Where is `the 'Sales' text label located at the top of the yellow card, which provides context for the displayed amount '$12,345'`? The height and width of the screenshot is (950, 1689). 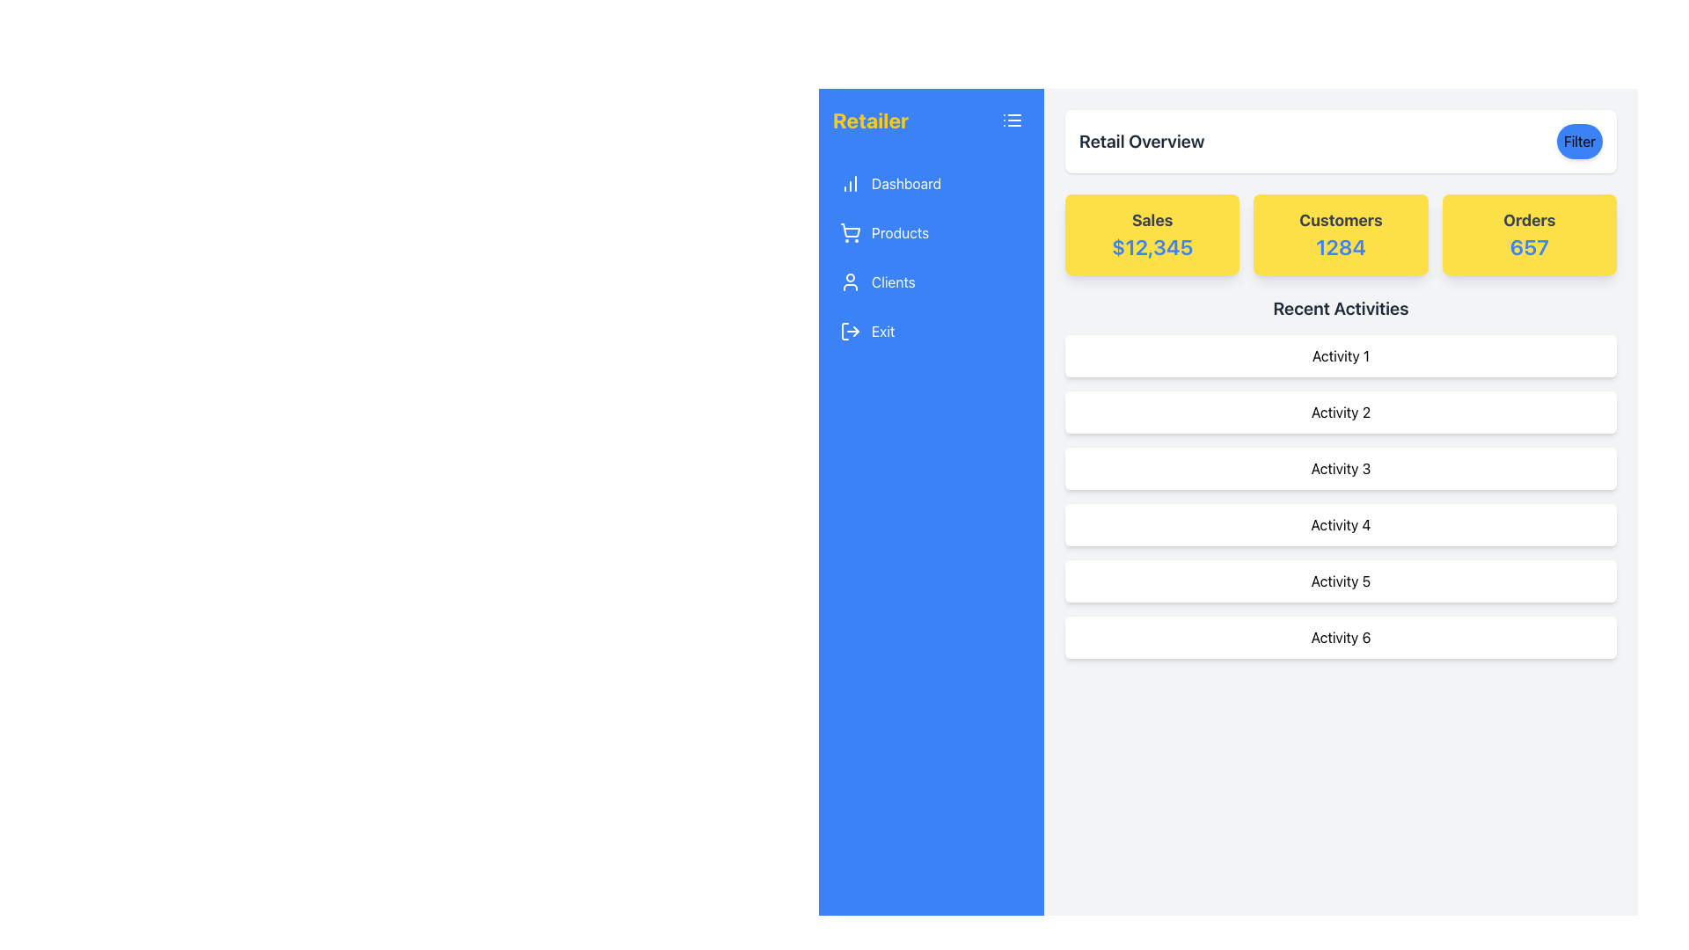 the 'Sales' text label located at the top of the yellow card, which provides context for the displayed amount '$12,345' is located at coordinates (1152, 219).